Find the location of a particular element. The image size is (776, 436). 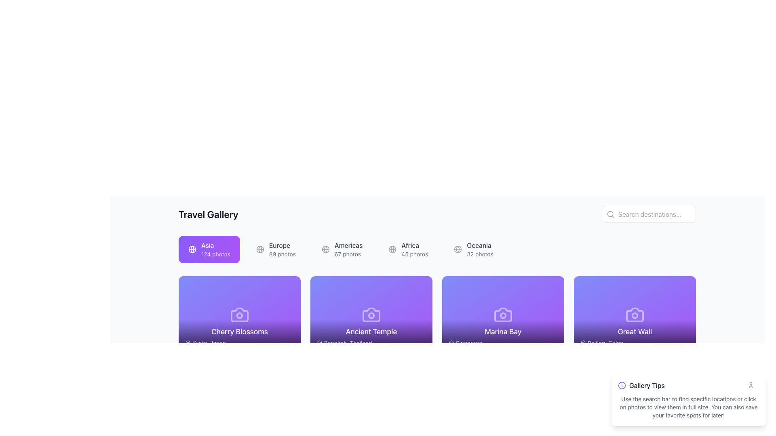

the dismiss button on the floating Informational Box located near the bottom-right corner of the interface is located at coordinates (688, 400).